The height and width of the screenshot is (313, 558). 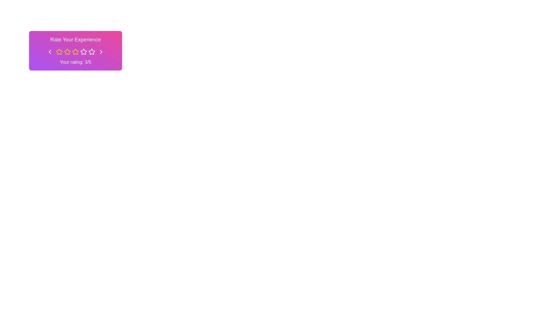 What do you see at coordinates (92, 51) in the screenshot?
I see `the fourth star-shaped icon with a pink outline` at bounding box center [92, 51].